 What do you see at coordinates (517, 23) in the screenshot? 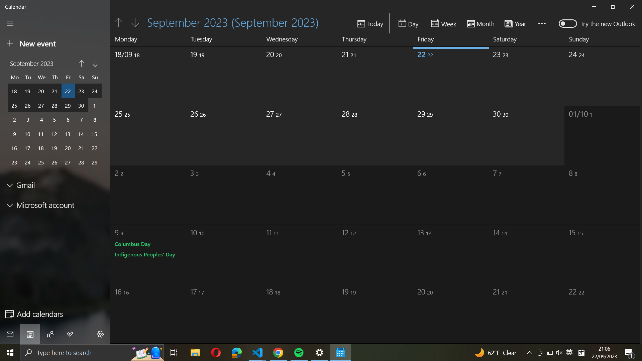
I see `Switch to the yearly overview` at bounding box center [517, 23].